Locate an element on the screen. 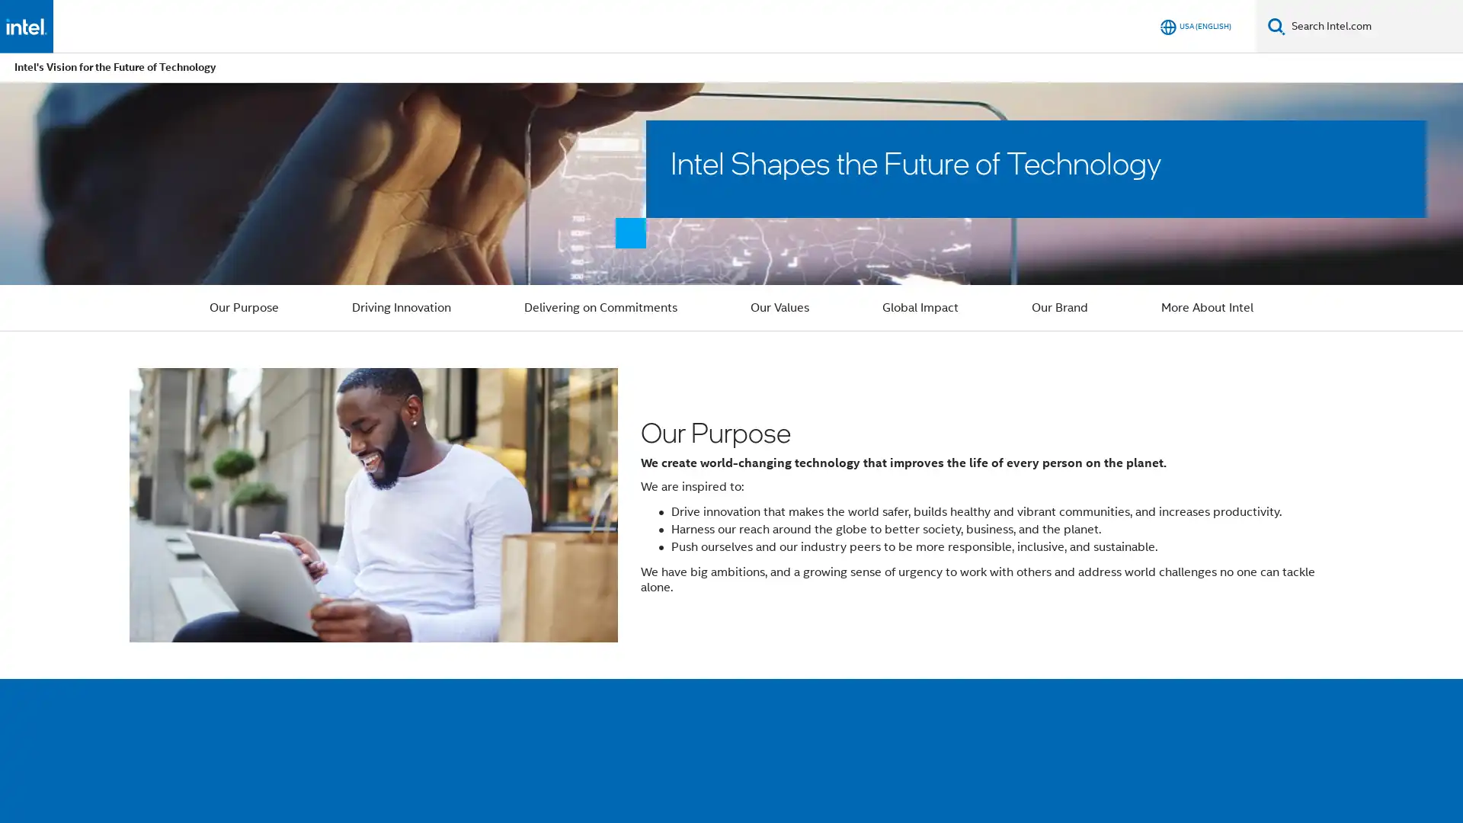 The width and height of the screenshot is (1463, 823). Search is located at coordinates (1276, 26).